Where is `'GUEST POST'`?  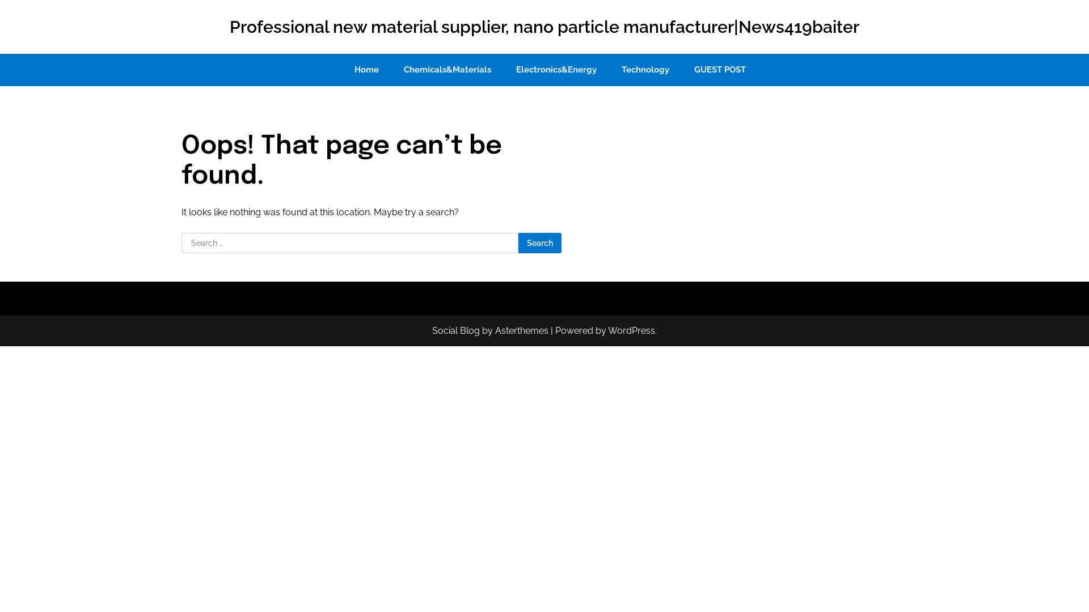 'GUEST POST' is located at coordinates (682, 70).